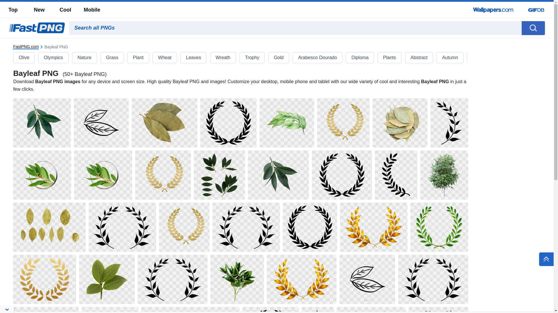 This screenshot has height=313, width=558. What do you see at coordinates (210, 58) in the screenshot?
I see `'Wreath'` at bounding box center [210, 58].